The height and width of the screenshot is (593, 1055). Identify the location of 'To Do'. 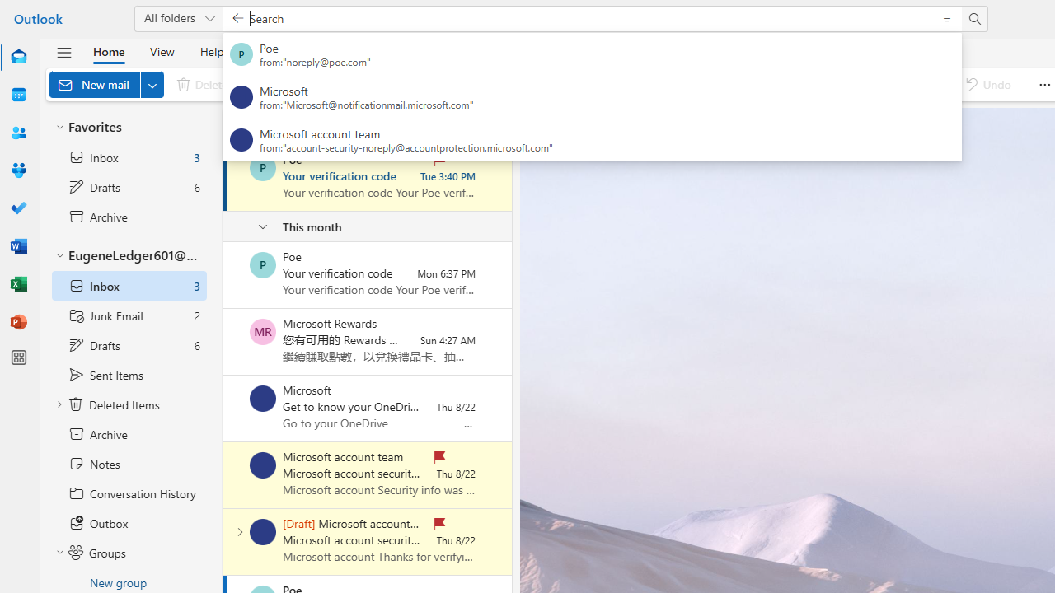
(19, 208).